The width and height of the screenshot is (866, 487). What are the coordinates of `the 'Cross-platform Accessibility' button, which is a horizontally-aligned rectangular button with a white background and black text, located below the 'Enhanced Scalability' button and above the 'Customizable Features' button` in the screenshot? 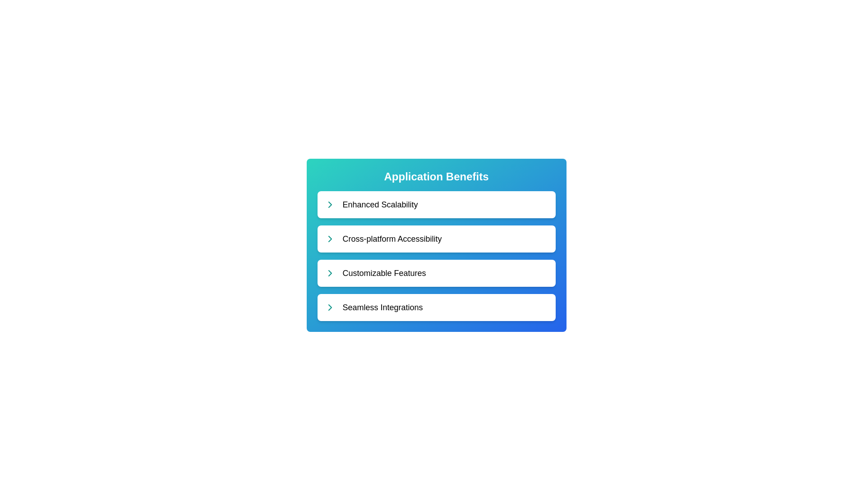 It's located at (436, 238).